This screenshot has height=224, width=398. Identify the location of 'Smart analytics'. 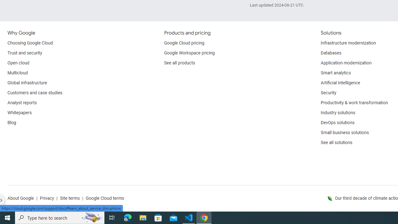
(335, 73).